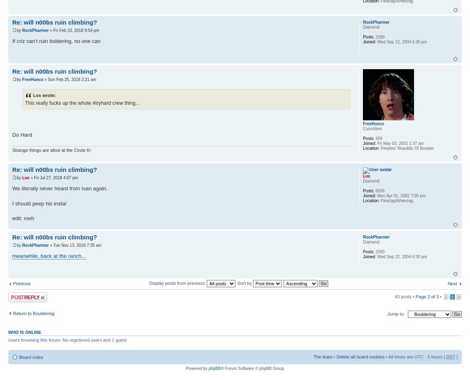  Describe the element at coordinates (448, 283) in the screenshot. I see `'Next'` at that location.